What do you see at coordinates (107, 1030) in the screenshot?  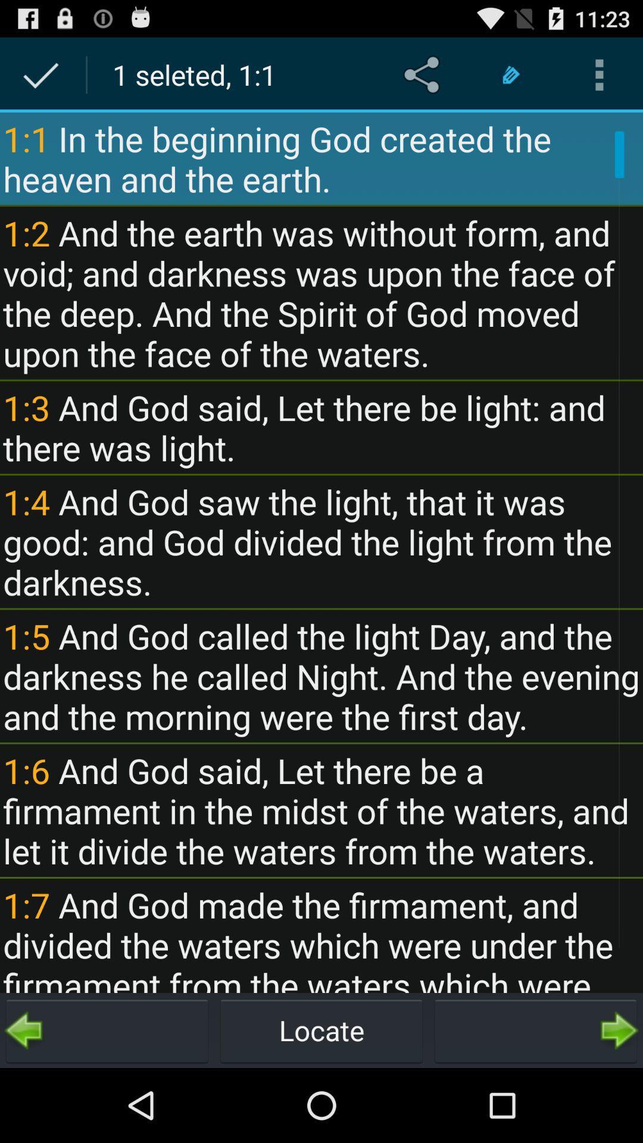 I see `item to the left of the locate item` at bounding box center [107, 1030].